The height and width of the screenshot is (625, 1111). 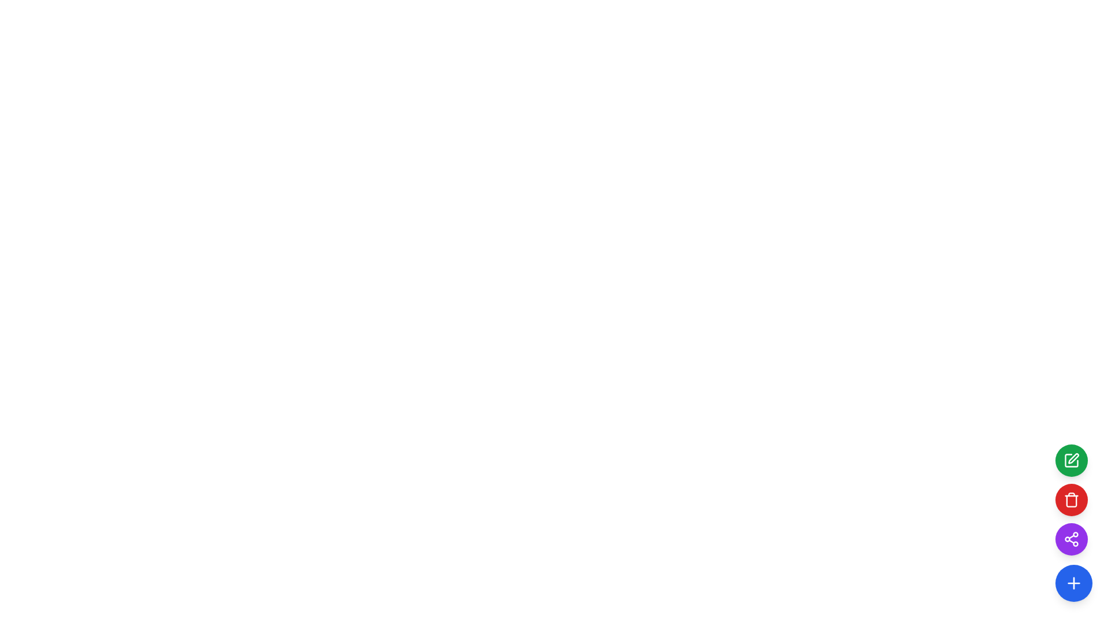 What do you see at coordinates (1071, 501) in the screenshot?
I see `the center portion of the trash bin icon` at bounding box center [1071, 501].